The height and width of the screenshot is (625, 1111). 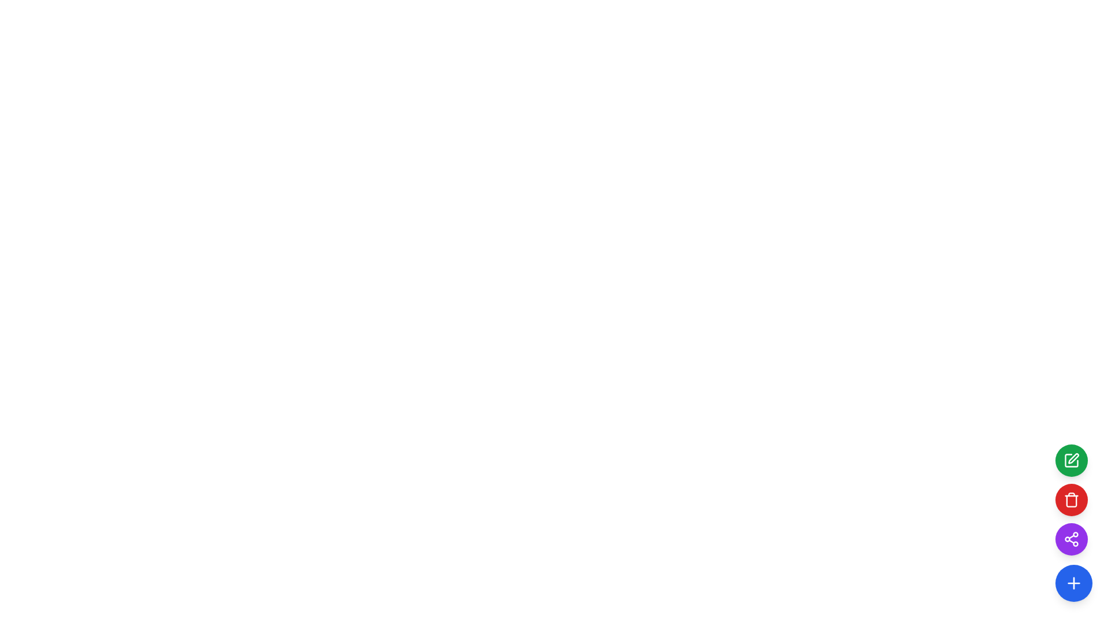 What do you see at coordinates (1071, 501) in the screenshot?
I see `the center portion of the trash bin icon` at bounding box center [1071, 501].